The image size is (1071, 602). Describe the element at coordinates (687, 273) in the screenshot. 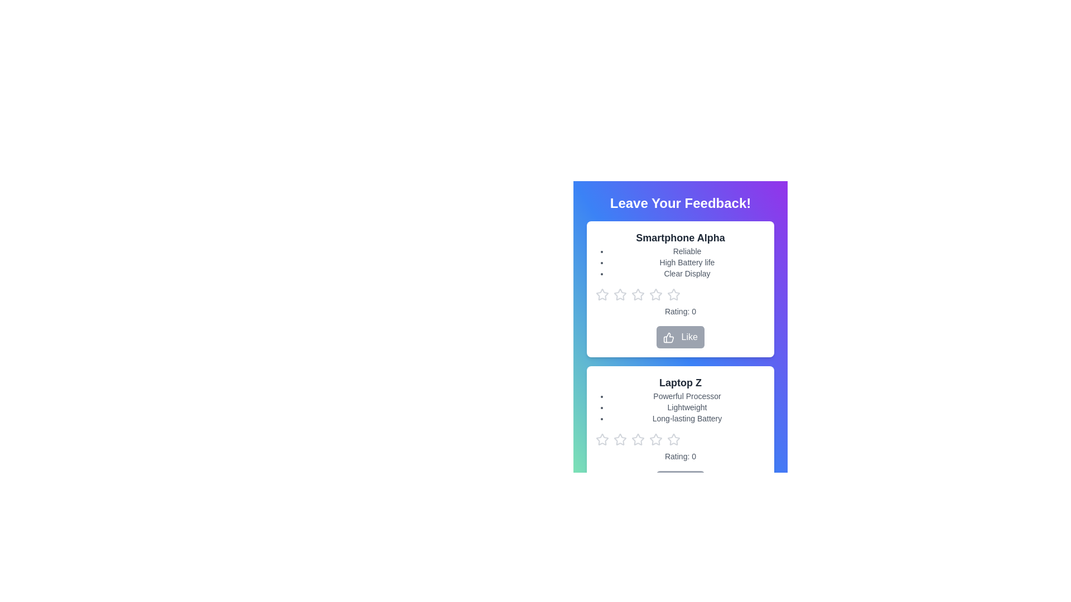

I see `the informational text label describing the feature of 'Smartphone Alpha', specifically the third item in the bullet-point list which states 'Clear Display'` at that location.